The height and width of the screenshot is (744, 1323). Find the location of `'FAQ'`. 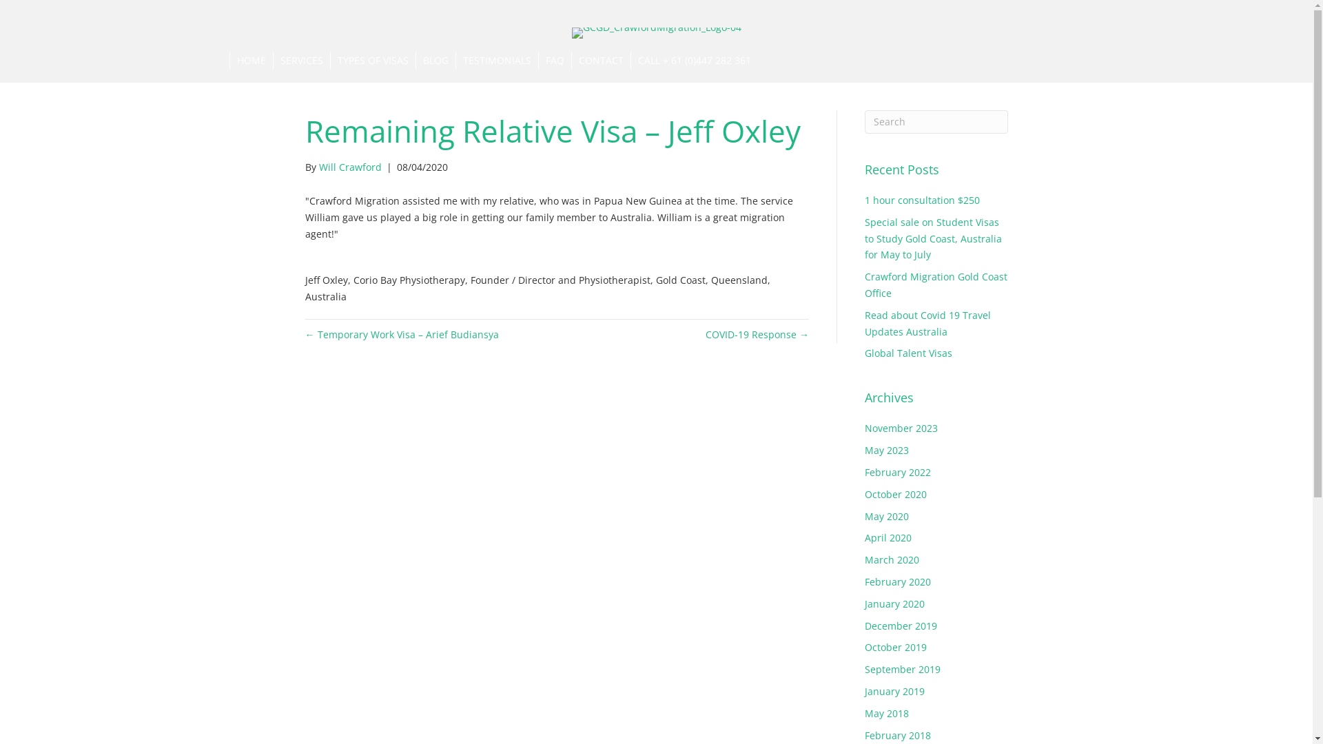

'FAQ' is located at coordinates (554, 60).